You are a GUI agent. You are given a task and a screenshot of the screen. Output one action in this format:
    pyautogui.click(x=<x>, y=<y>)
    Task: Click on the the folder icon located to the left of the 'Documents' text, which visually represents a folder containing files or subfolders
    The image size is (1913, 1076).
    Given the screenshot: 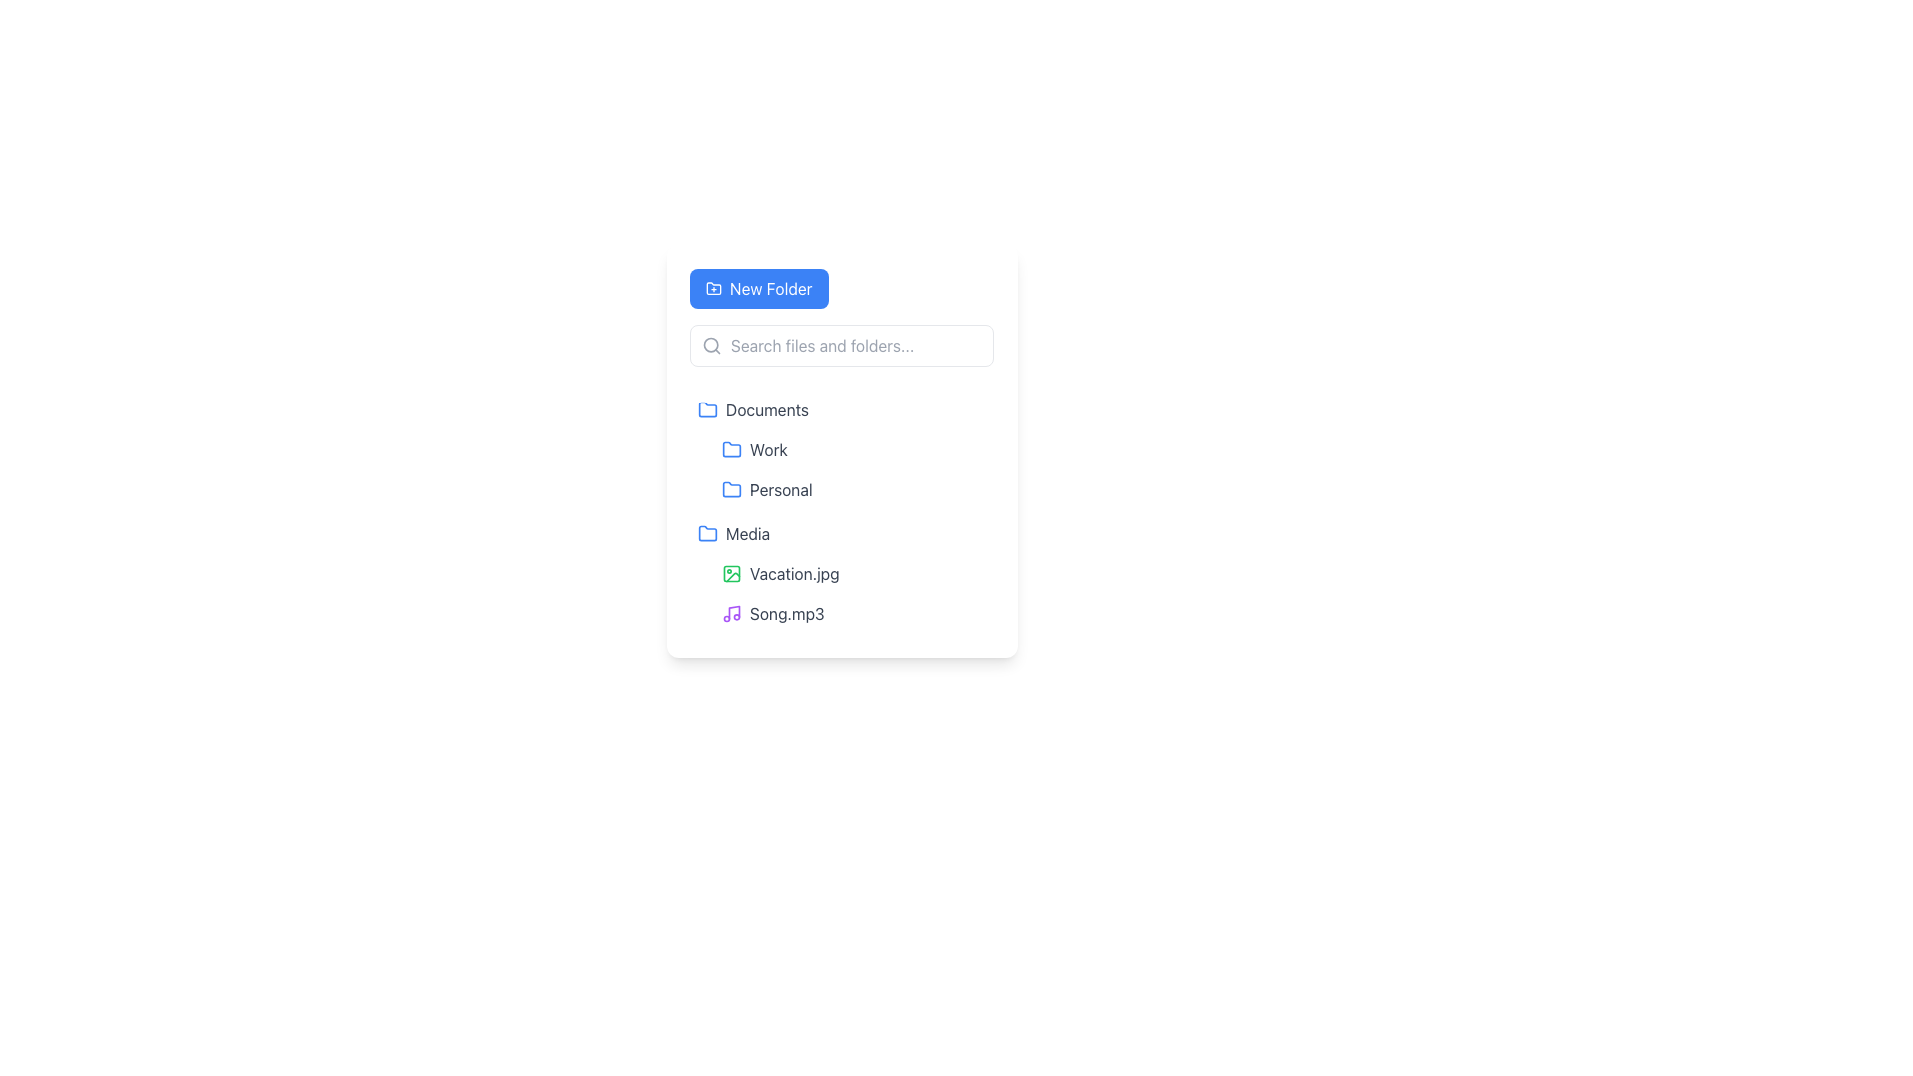 What is the action you would take?
    pyautogui.click(x=707, y=409)
    